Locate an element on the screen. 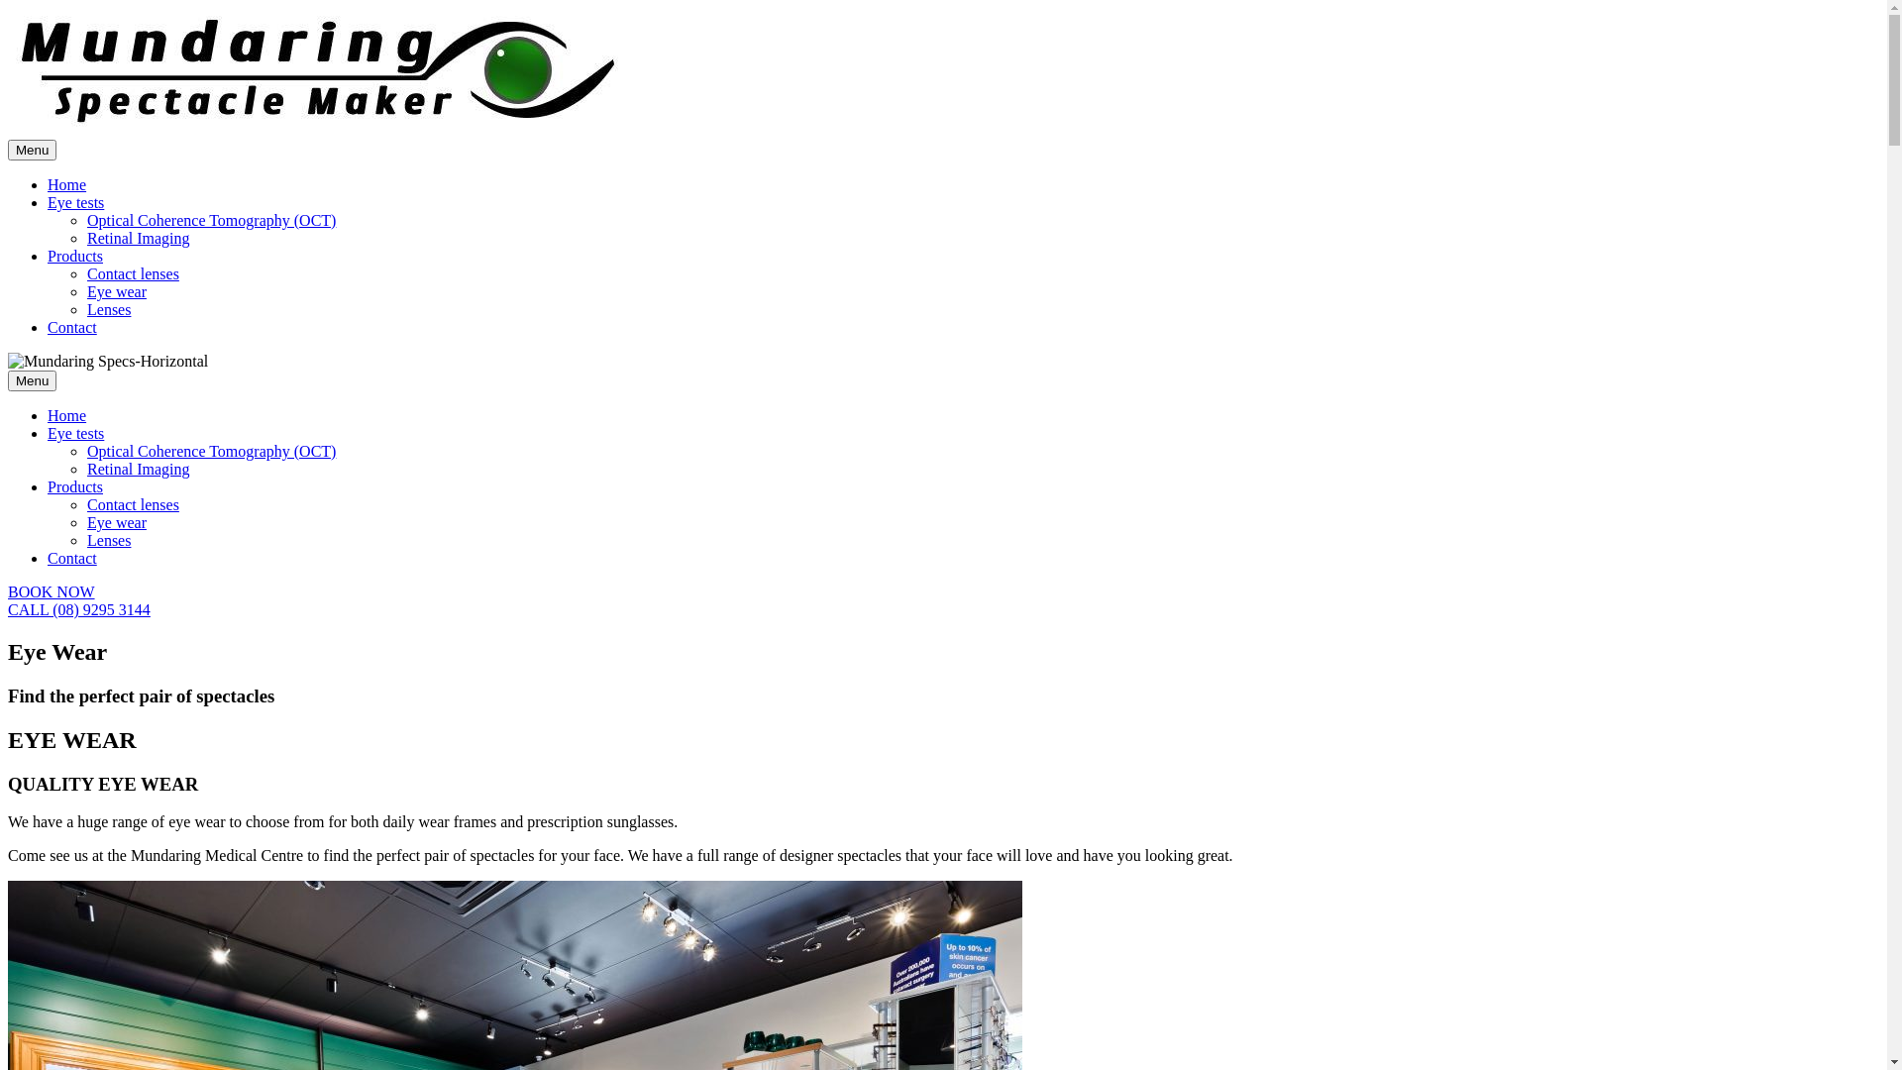 The height and width of the screenshot is (1070, 1902). 'Contact' is located at coordinates (71, 558).